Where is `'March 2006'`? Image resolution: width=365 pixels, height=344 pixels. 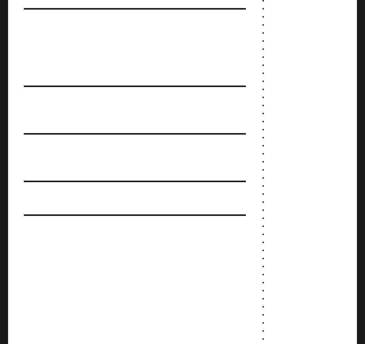 'March 2006' is located at coordinates (279, 217).